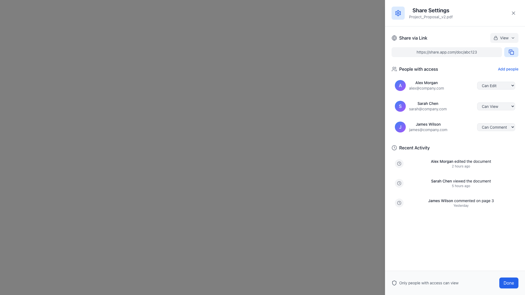 This screenshot has height=295, width=525. I want to click on the 'Can Comment' dropdown menu located to the right of 'james@company.com' in the 'People with access' list, so click(496, 127).